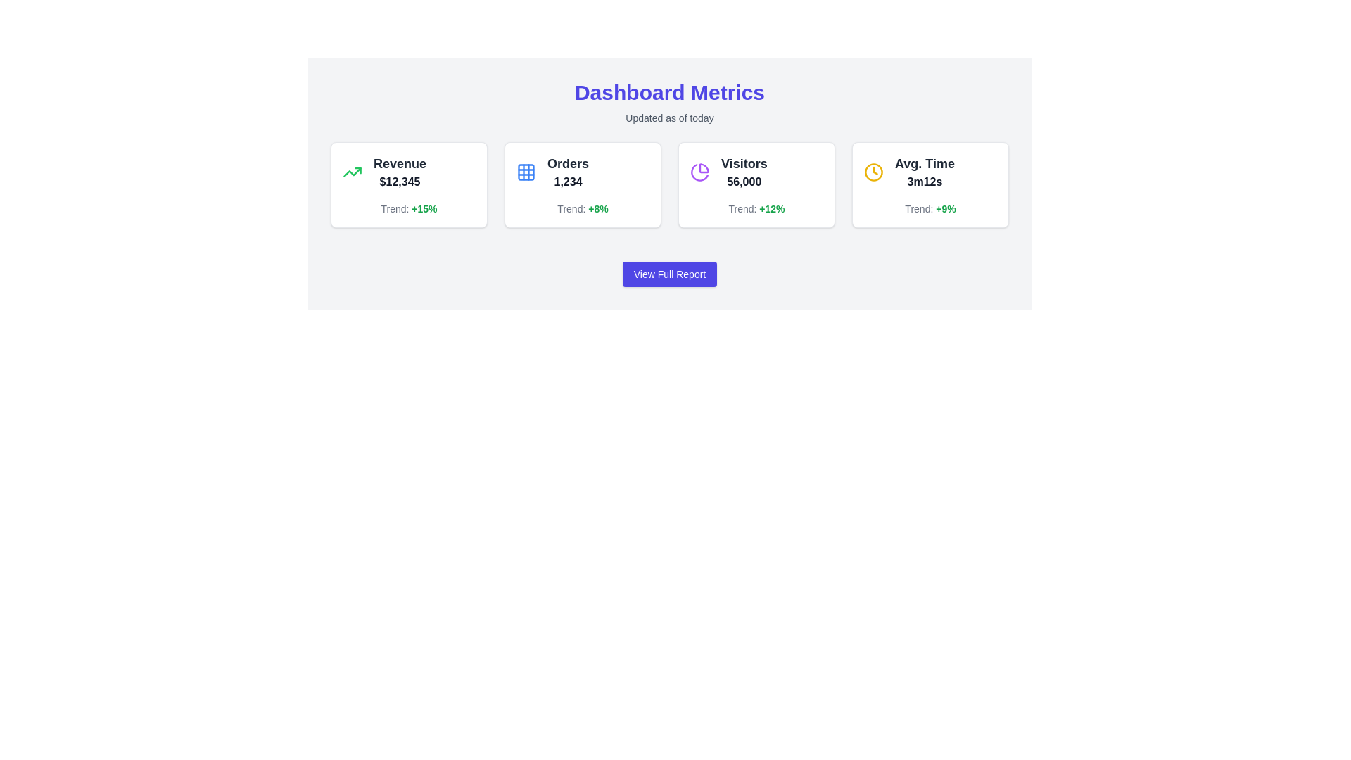 This screenshot has width=1351, height=760. What do you see at coordinates (925, 172) in the screenshot?
I see `the 'Avg. Time' text display element that shows the value '3m12s', which is styled in bold dark gray and located within a card on the far right of a row of metric cards` at bounding box center [925, 172].